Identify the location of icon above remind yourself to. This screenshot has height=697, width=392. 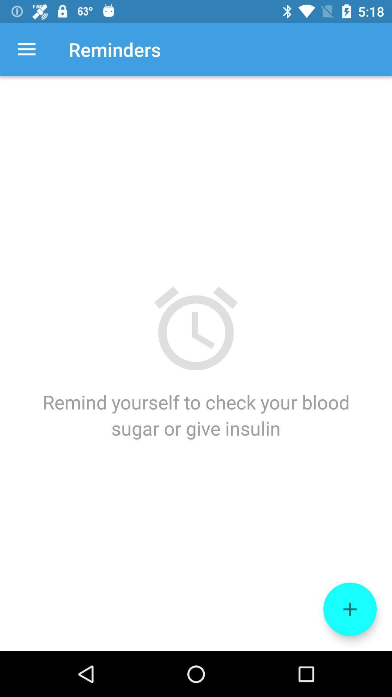
(26, 49).